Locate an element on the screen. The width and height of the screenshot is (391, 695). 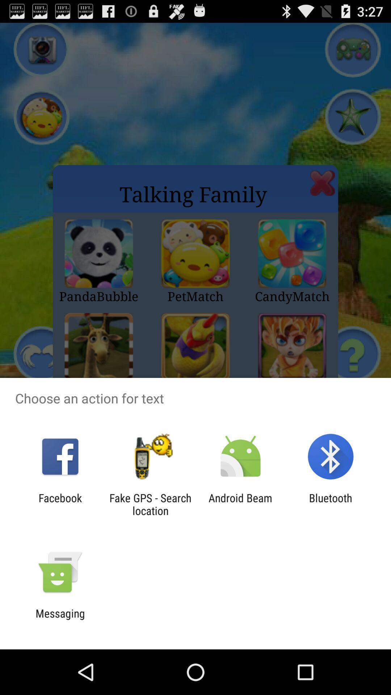
the item to the right of android beam item is located at coordinates (331, 504).